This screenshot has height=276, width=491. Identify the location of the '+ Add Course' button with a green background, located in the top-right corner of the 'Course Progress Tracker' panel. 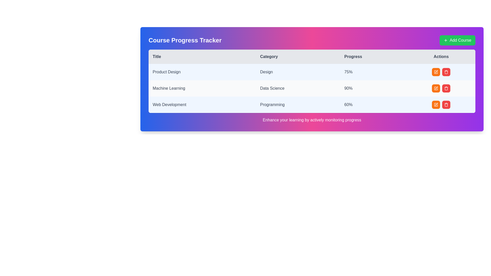
(457, 40).